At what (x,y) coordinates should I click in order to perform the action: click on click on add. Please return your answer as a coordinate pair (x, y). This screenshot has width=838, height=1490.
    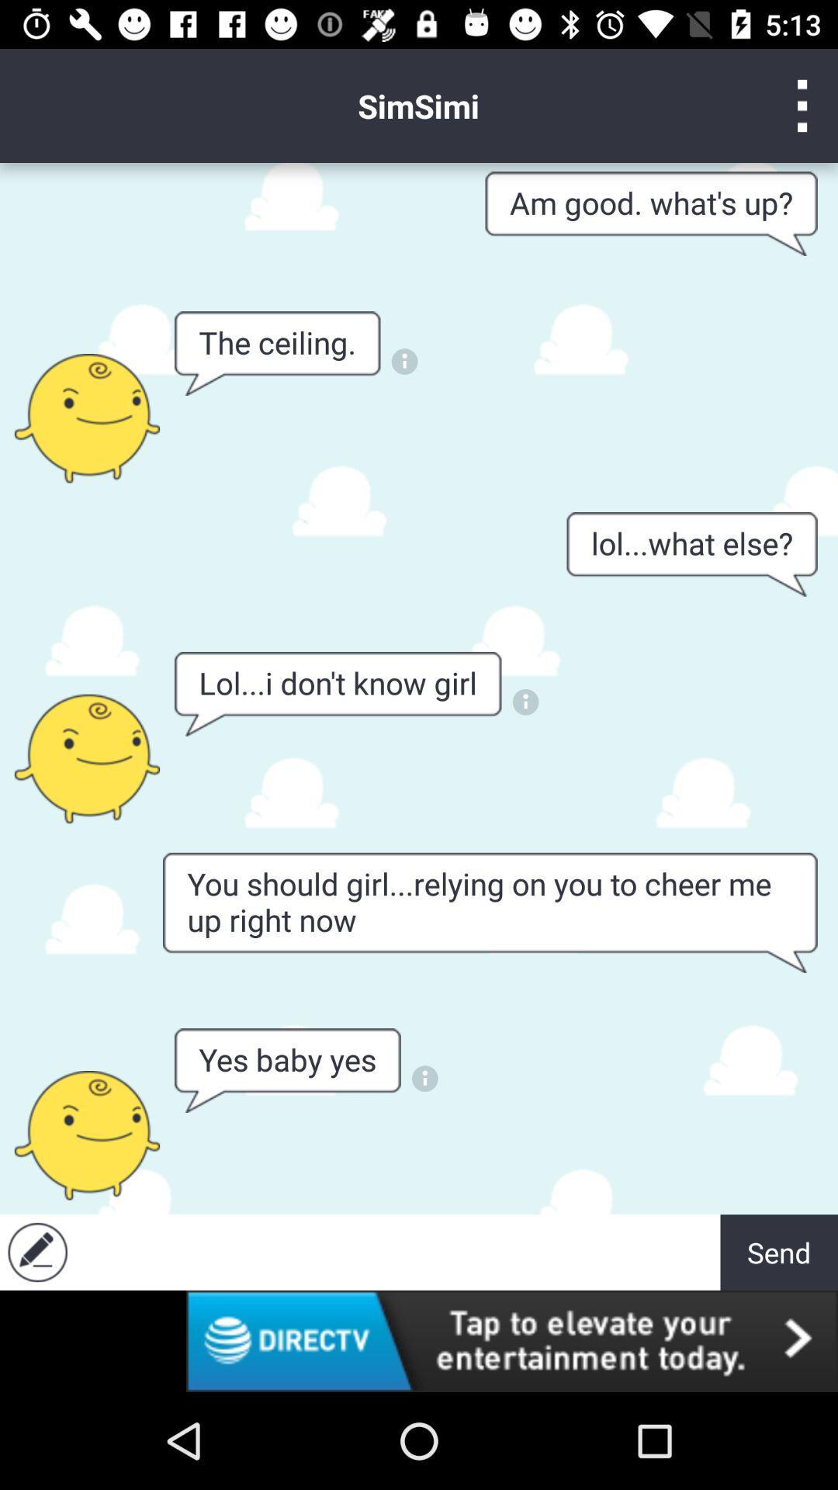
    Looking at the image, I should click on (397, 1252).